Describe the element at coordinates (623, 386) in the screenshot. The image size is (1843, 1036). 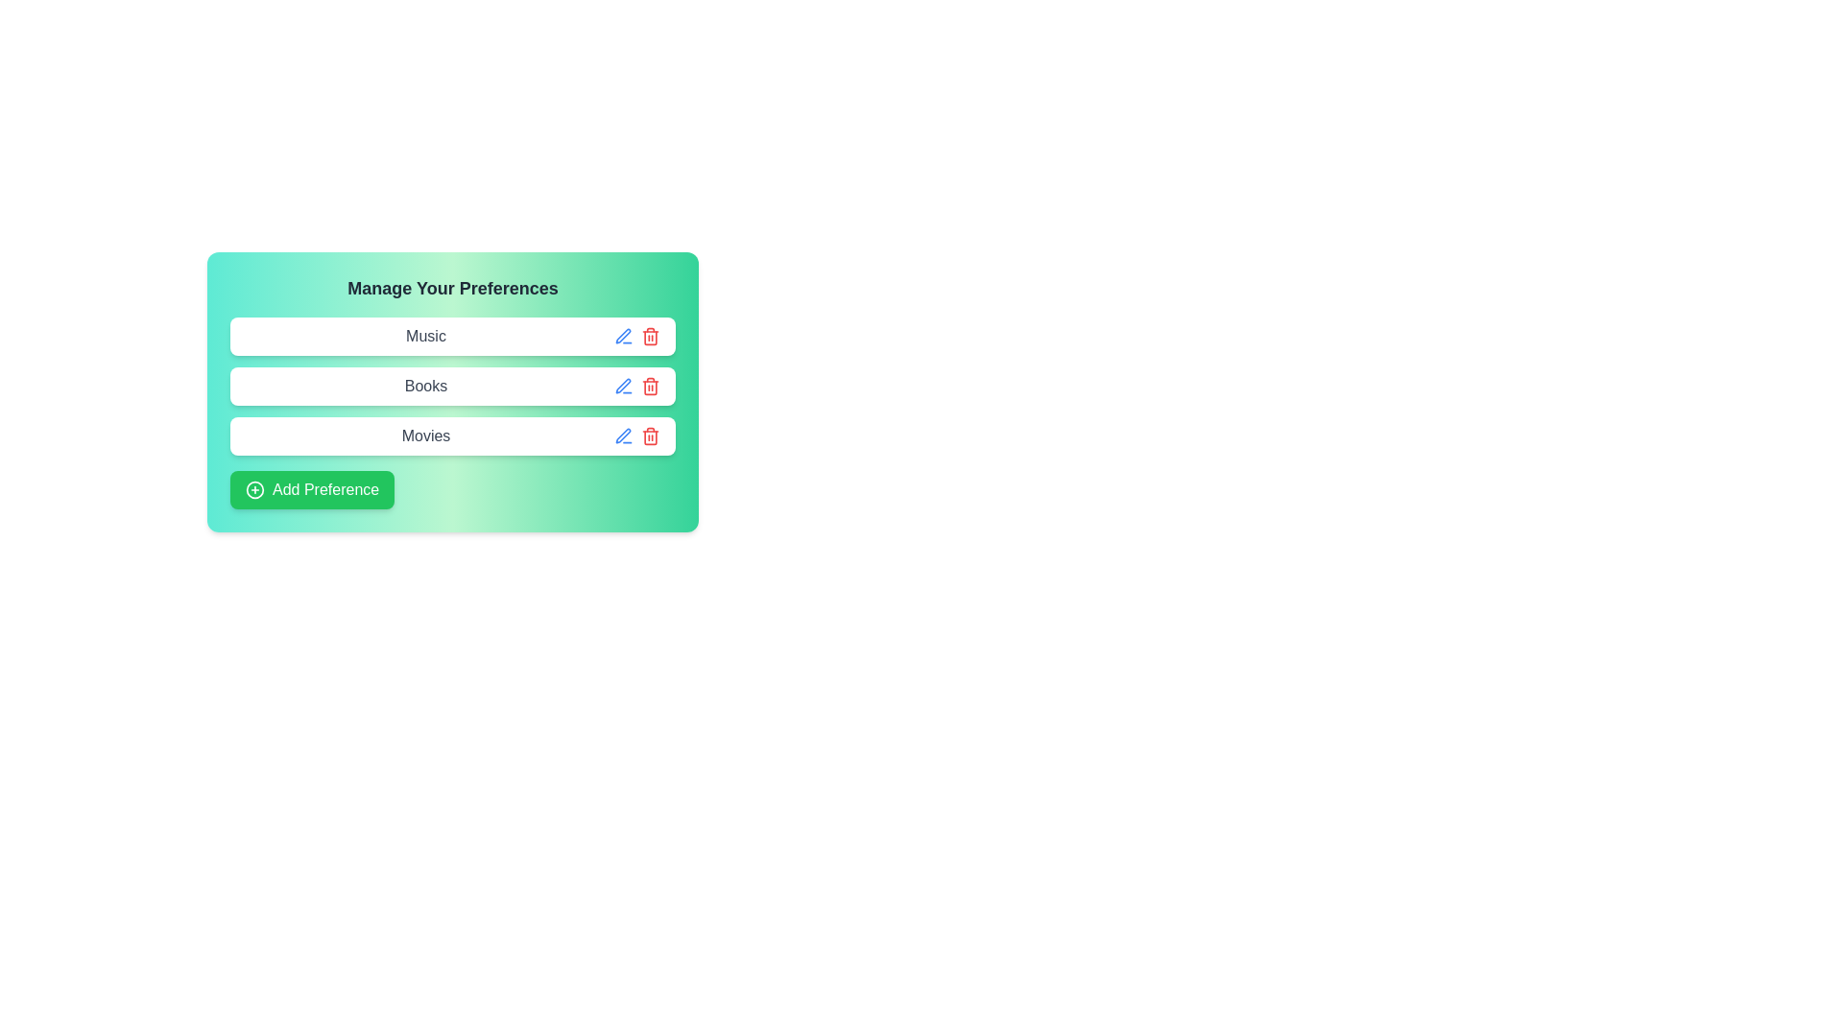
I see `the edit button for the preference tag Books to enable editing` at that location.